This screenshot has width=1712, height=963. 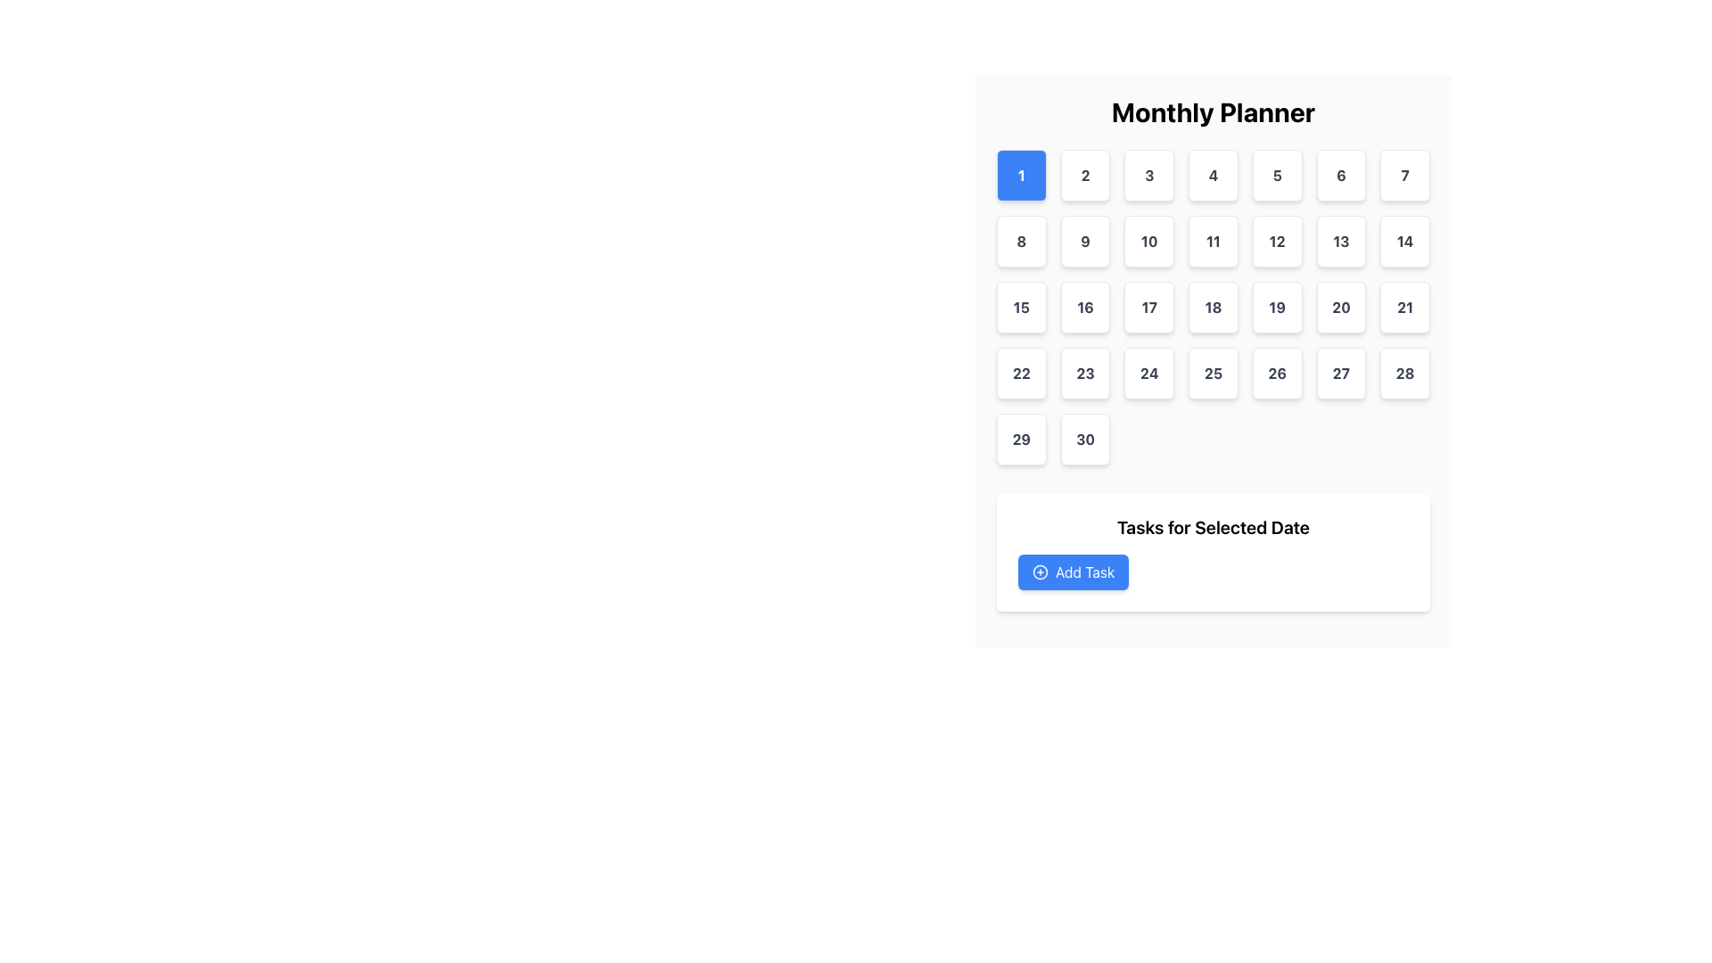 I want to click on the calendar button representing the date '28' in the monthly calendar interface, so click(x=1404, y=373).